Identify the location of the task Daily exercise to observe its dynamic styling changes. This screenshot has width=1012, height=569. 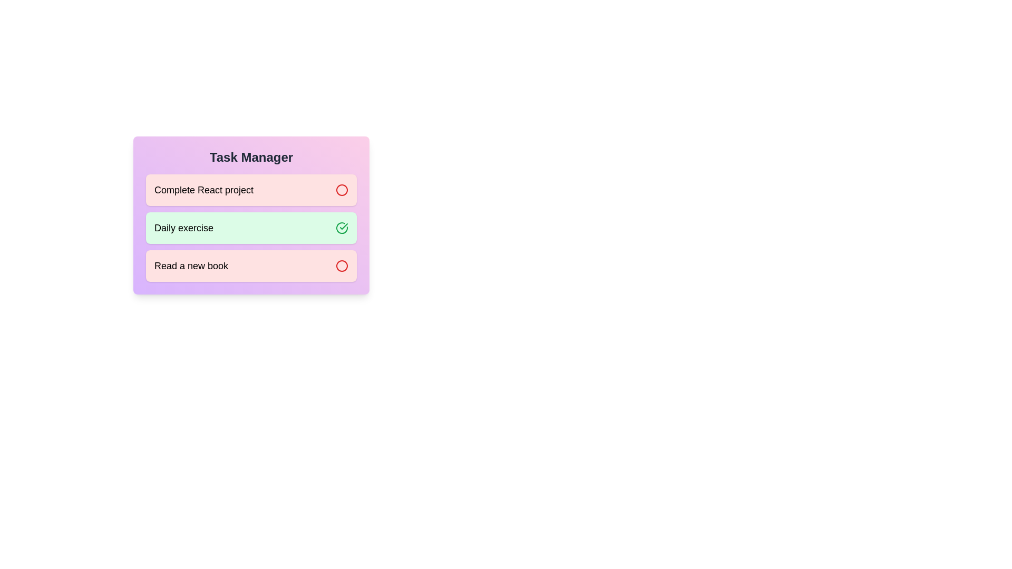
(250, 227).